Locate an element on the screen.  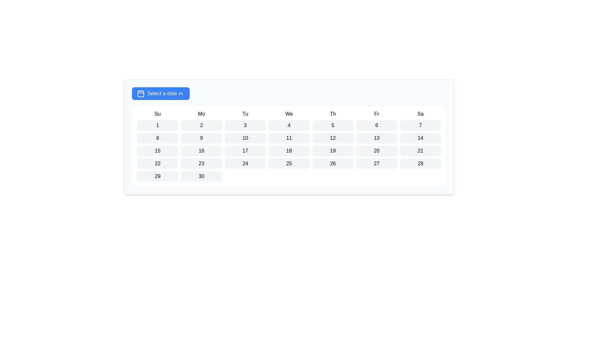
the Calendar grid element that displays abbreviated day names and numbers, positioned centrally within the interface is located at coordinates (289, 146).